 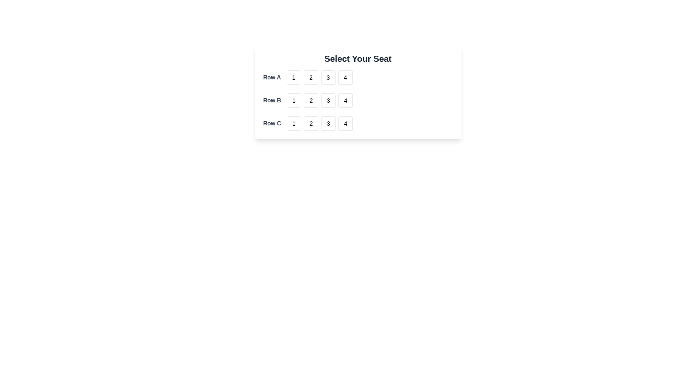 What do you see at coordinates (319, 101) in the screenshot?
I see `the button in the grouped selection interface located in 'Row B'` at bounding box center [319, 101].